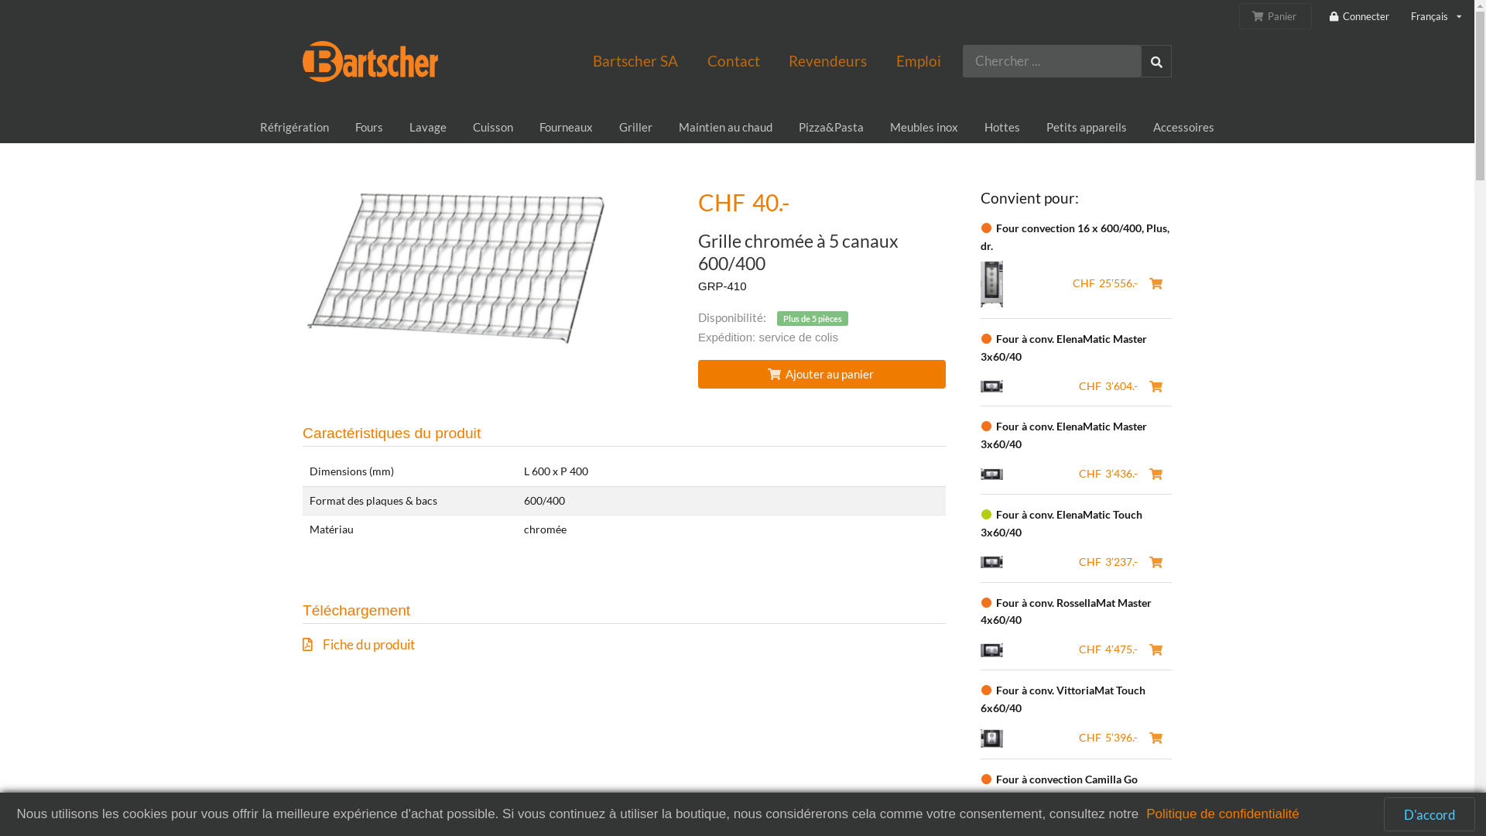 The height and width of the screenshot is (836, 1486). I want to click on 'Pizza&Pasta', so click(785, 127).